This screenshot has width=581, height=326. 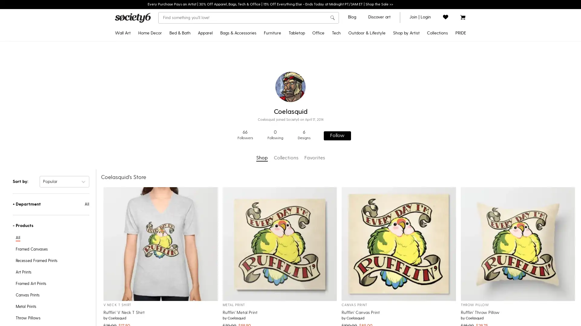 I want to click on Shop by Artist, so click(x=406, y=33).